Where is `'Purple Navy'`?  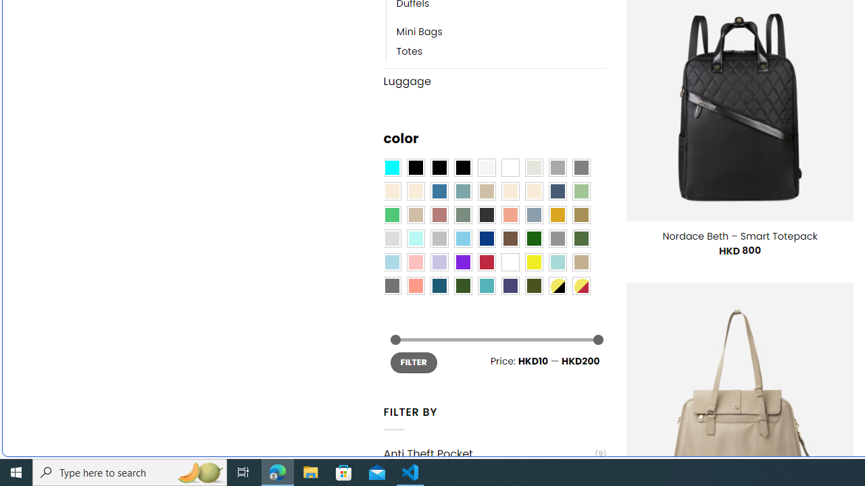
'Purple Navy' is located at coordinates (510, 286).